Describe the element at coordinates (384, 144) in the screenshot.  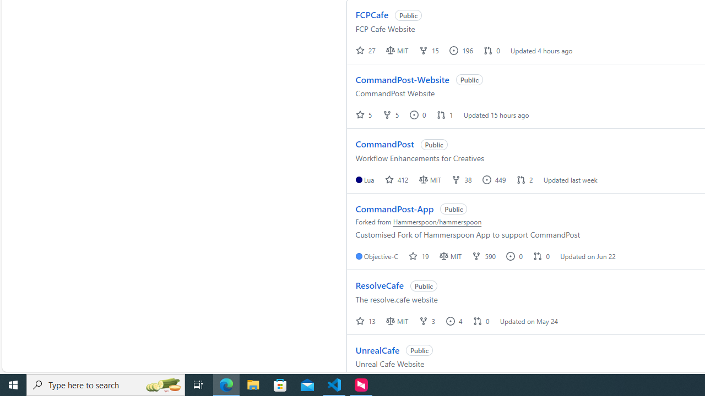
I see `'CommandPost'` at that location.